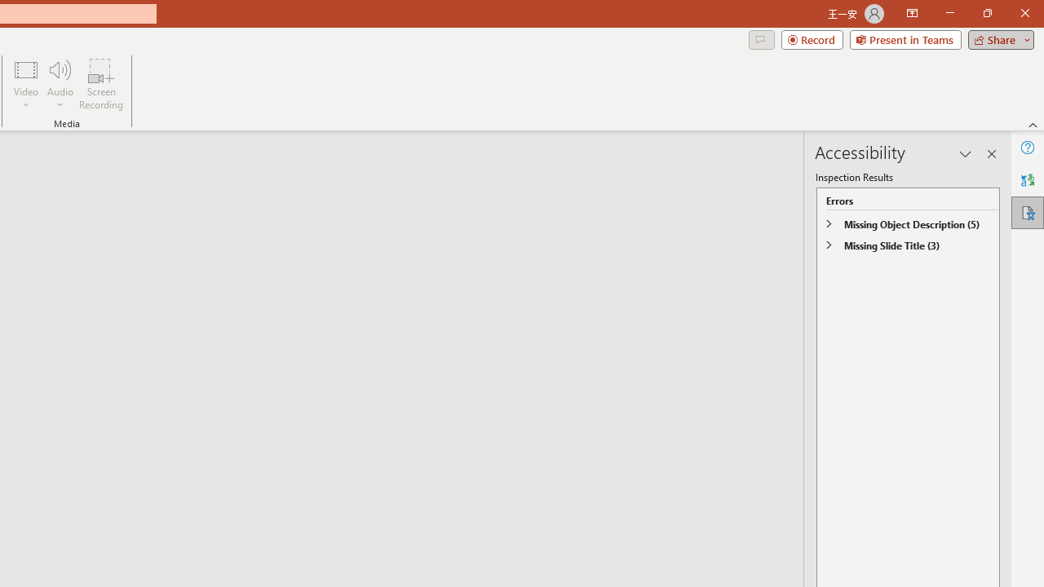 The height and width of the screenshot is (587, 1044). I want to click on 'Close pane', so click(991, 154).